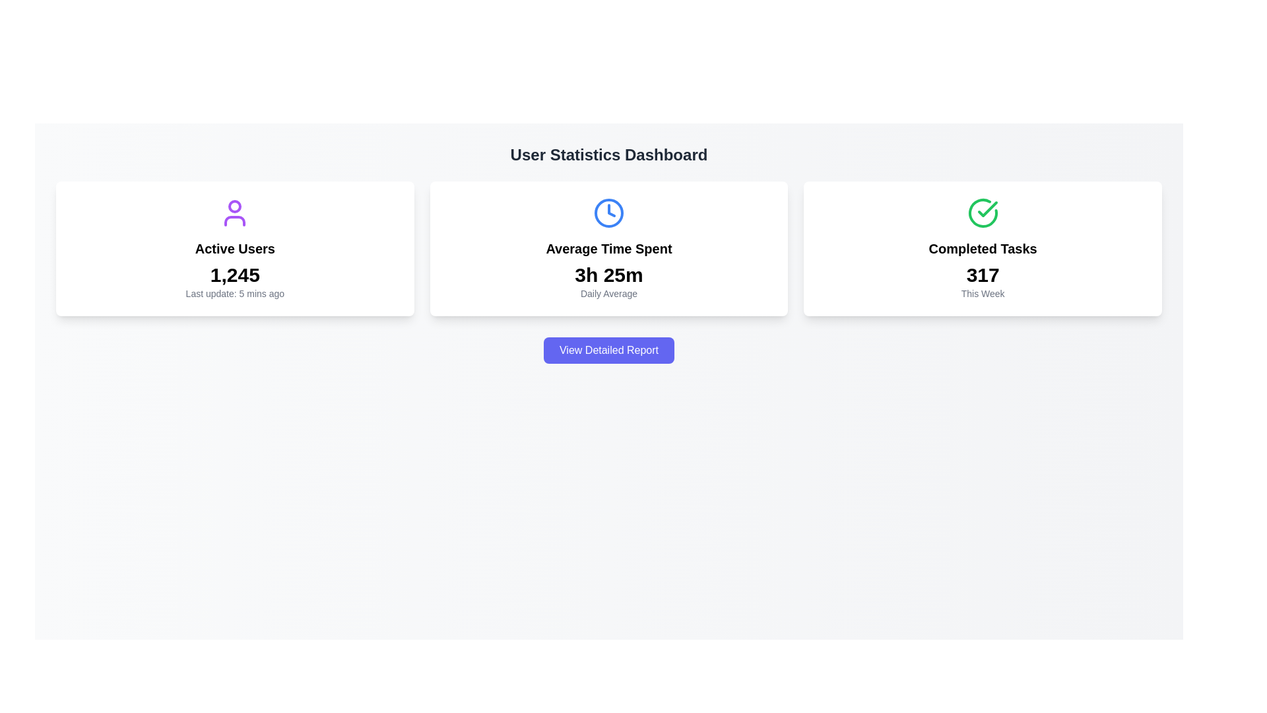 This screenshot has height=713, width=1267. Describe the element at coordinates (983, 249) in the screenshot. I see `the 'Completed Tasks' text label, which is styled in a larger bold font and positioned above the number '317' in the rightmost card of a three-card layout` at that location.